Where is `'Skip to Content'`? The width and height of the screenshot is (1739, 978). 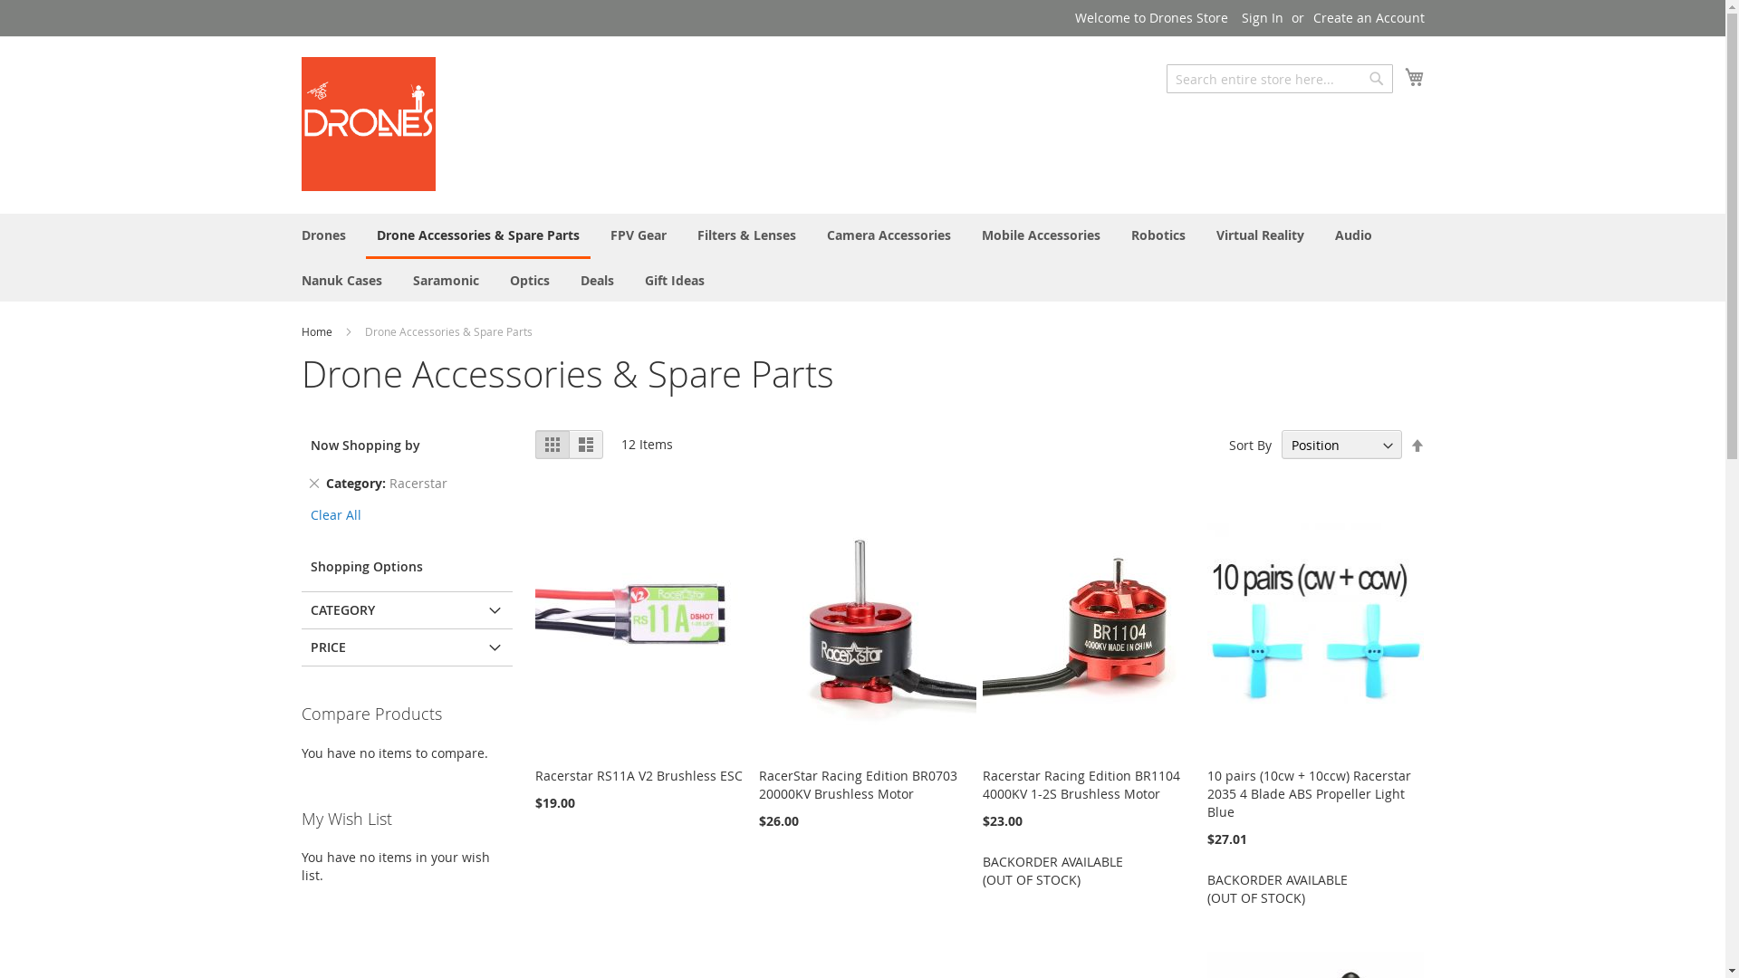
'Skip to Content' is located at coordinates (301, 8).